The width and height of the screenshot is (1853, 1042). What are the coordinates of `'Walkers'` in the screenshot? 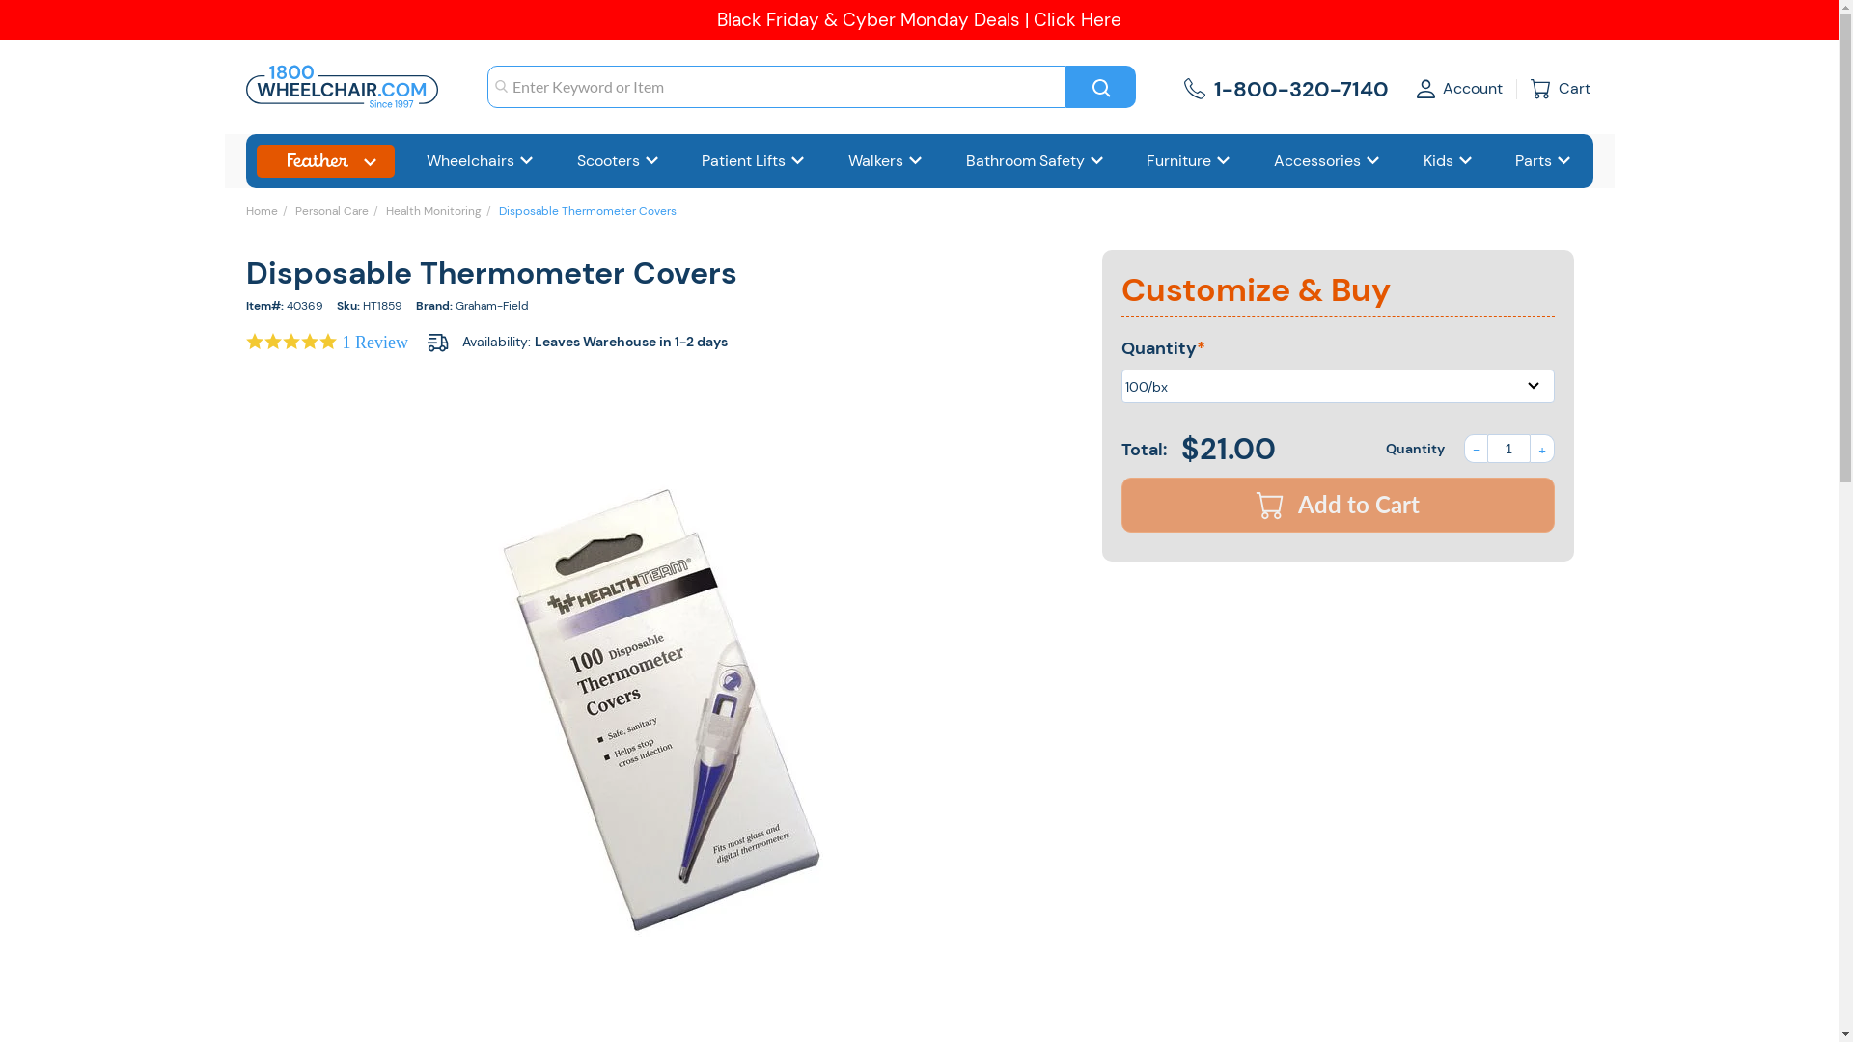 It's located at (884, 160).